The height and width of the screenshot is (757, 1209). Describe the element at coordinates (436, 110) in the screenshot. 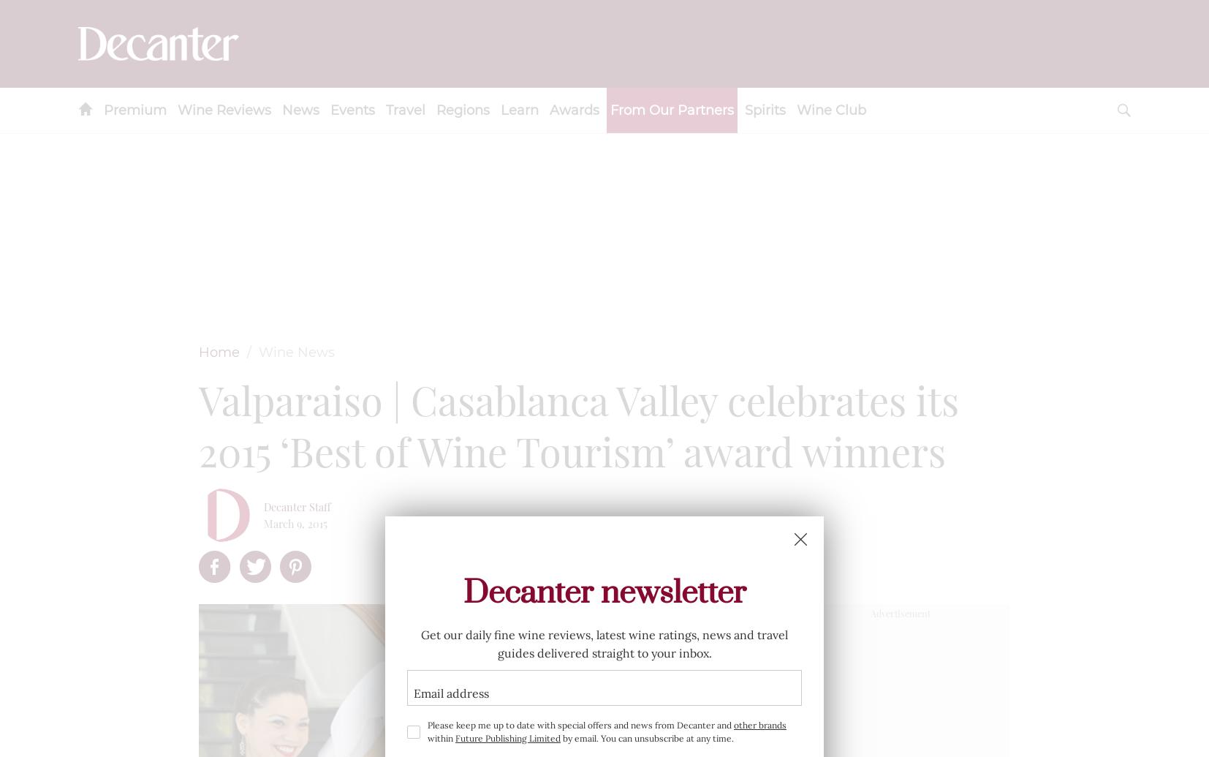

I see `'Regions'` at that location.